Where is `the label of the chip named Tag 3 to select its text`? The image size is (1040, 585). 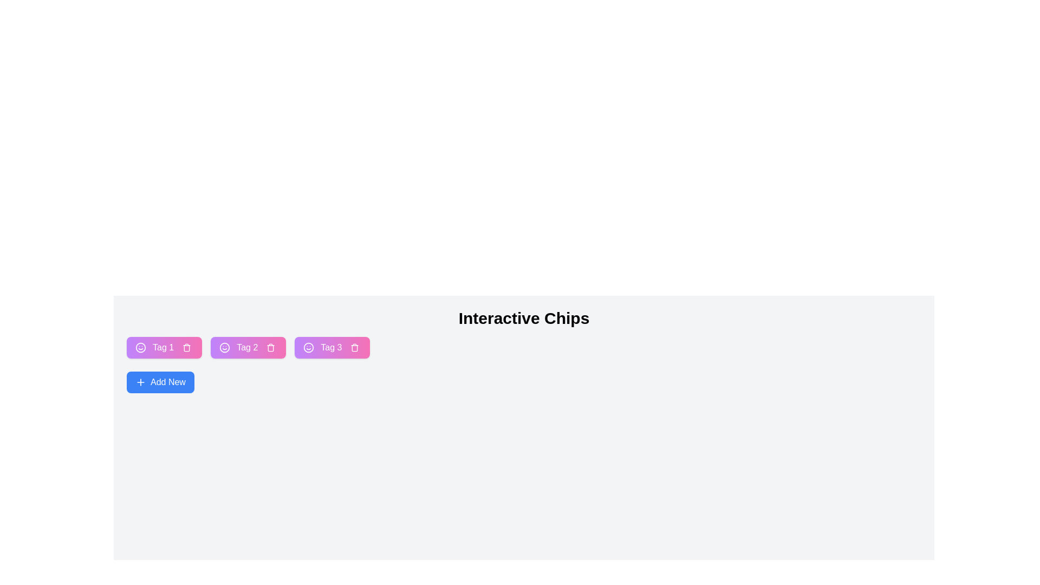 the label of the chip named Tag 3 to select its text is located at coordinates (330, 347).